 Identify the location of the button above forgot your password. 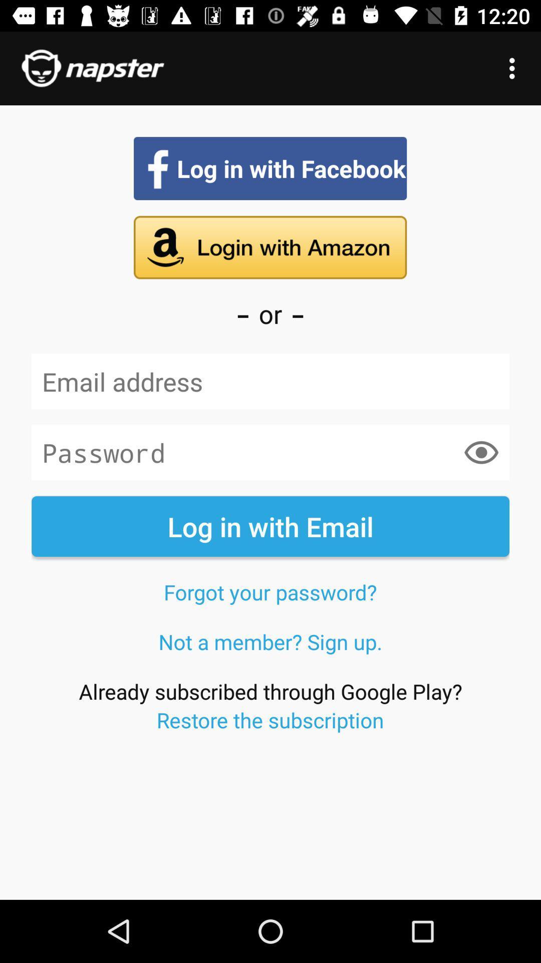
(270, 526).